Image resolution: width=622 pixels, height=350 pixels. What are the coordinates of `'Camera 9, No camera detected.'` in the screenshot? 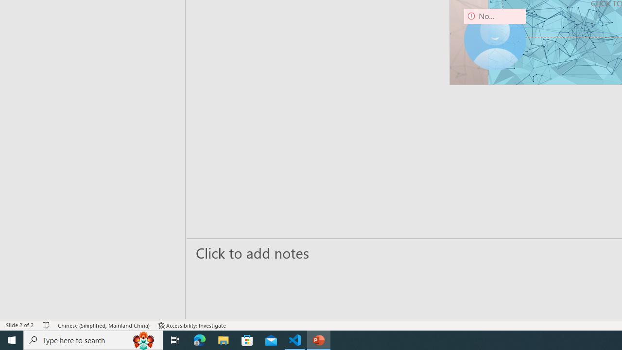 It's located at (495, 39).